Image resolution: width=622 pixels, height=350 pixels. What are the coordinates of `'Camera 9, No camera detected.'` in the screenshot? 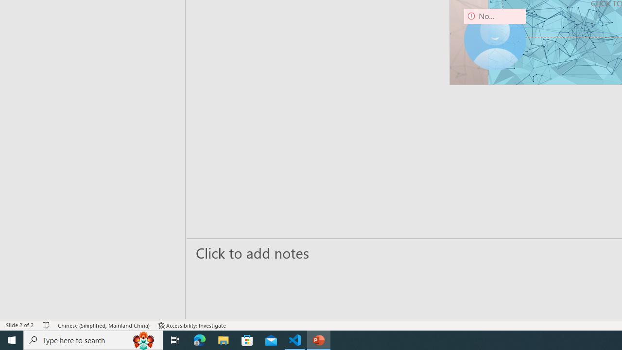 It's located at (495, 39).